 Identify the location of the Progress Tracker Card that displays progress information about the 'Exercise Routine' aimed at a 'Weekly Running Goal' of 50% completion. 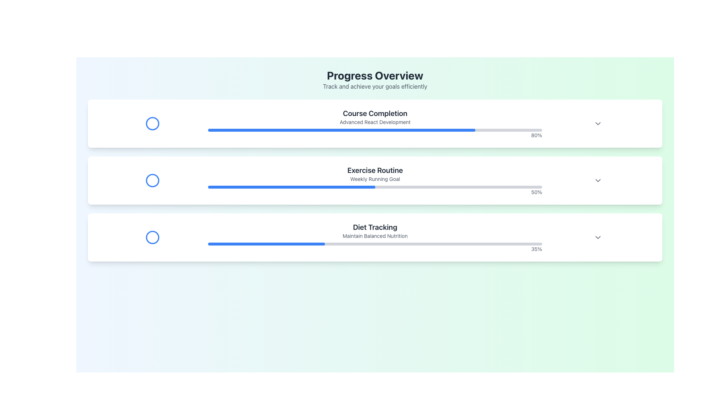
(375, 180).